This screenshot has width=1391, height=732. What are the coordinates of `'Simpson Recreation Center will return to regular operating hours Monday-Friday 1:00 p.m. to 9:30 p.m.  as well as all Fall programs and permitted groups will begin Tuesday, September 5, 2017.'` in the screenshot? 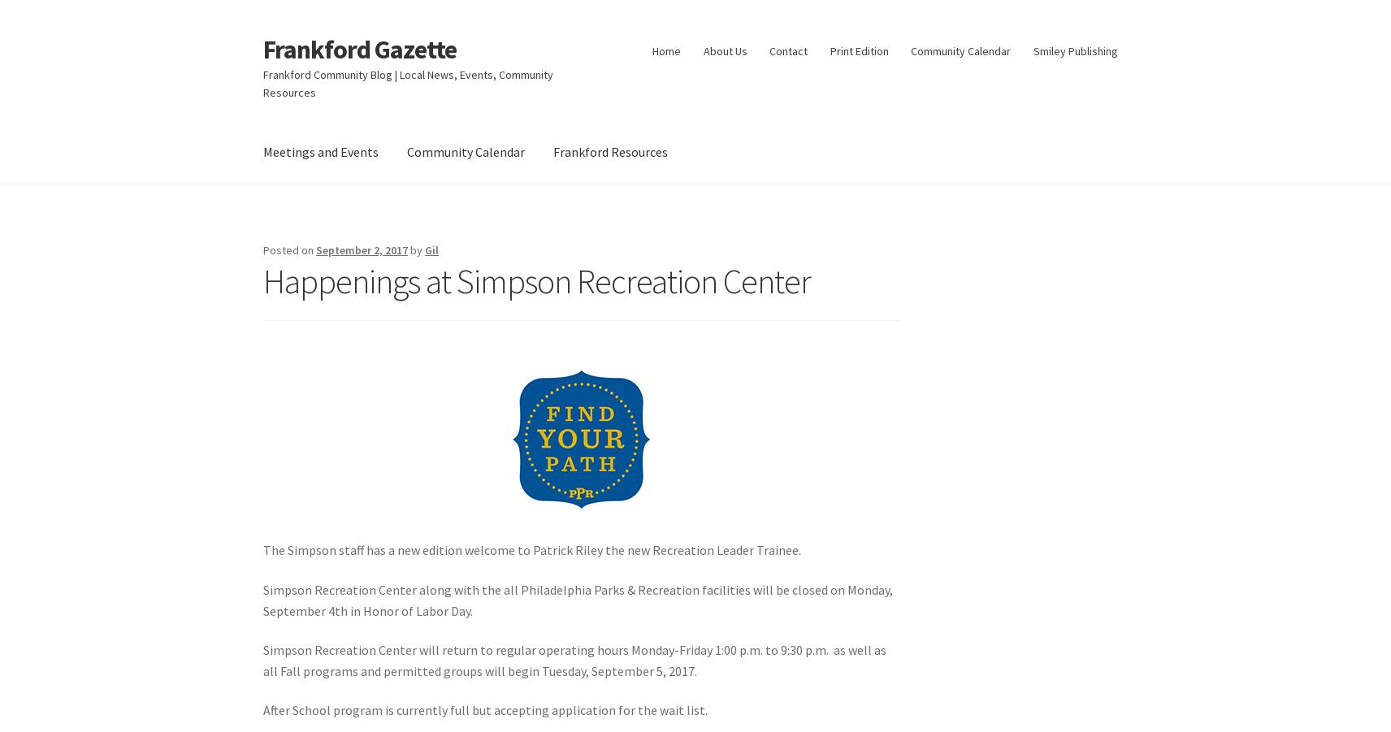 It's located at (574, 660).